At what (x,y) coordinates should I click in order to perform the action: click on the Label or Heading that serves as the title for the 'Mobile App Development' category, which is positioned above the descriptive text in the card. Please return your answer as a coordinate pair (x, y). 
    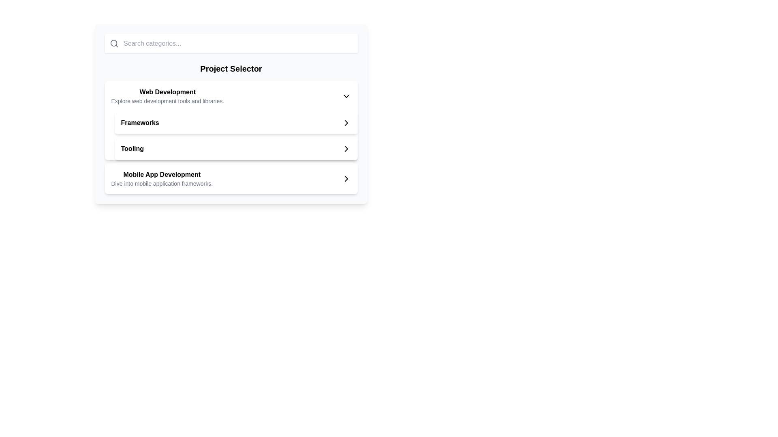
    Looking at the image, I should click on (162, 174).